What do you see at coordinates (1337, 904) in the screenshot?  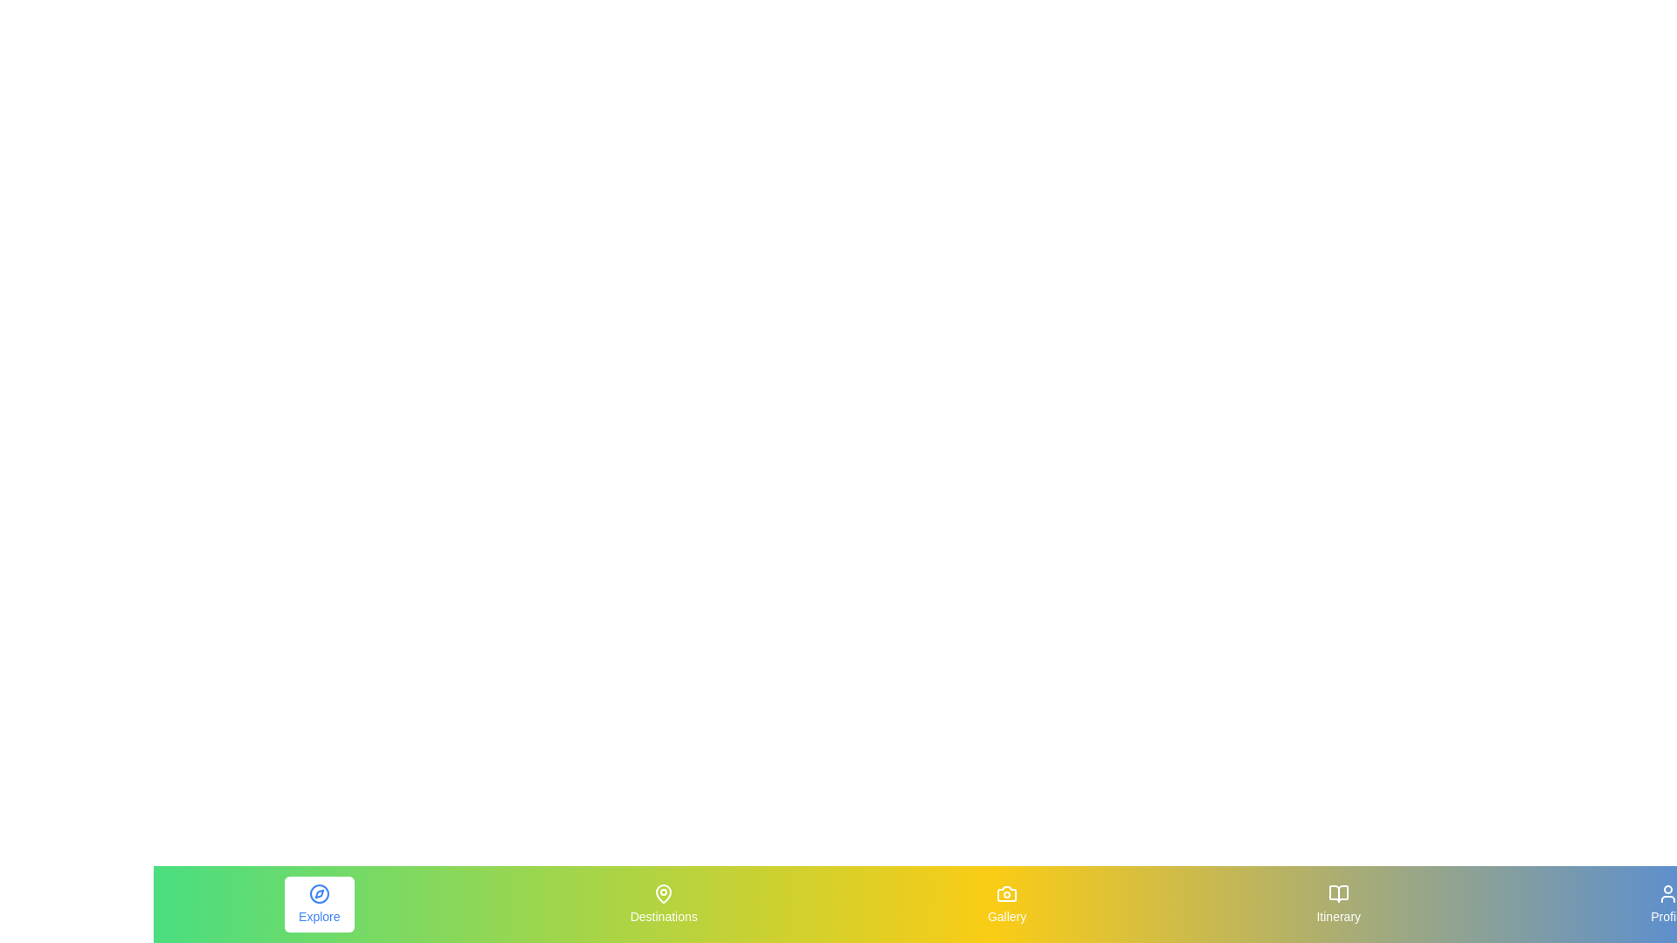 I see `the Itinerary tab by clicking on its respective icon or label` at bounding box center [1337, 904].